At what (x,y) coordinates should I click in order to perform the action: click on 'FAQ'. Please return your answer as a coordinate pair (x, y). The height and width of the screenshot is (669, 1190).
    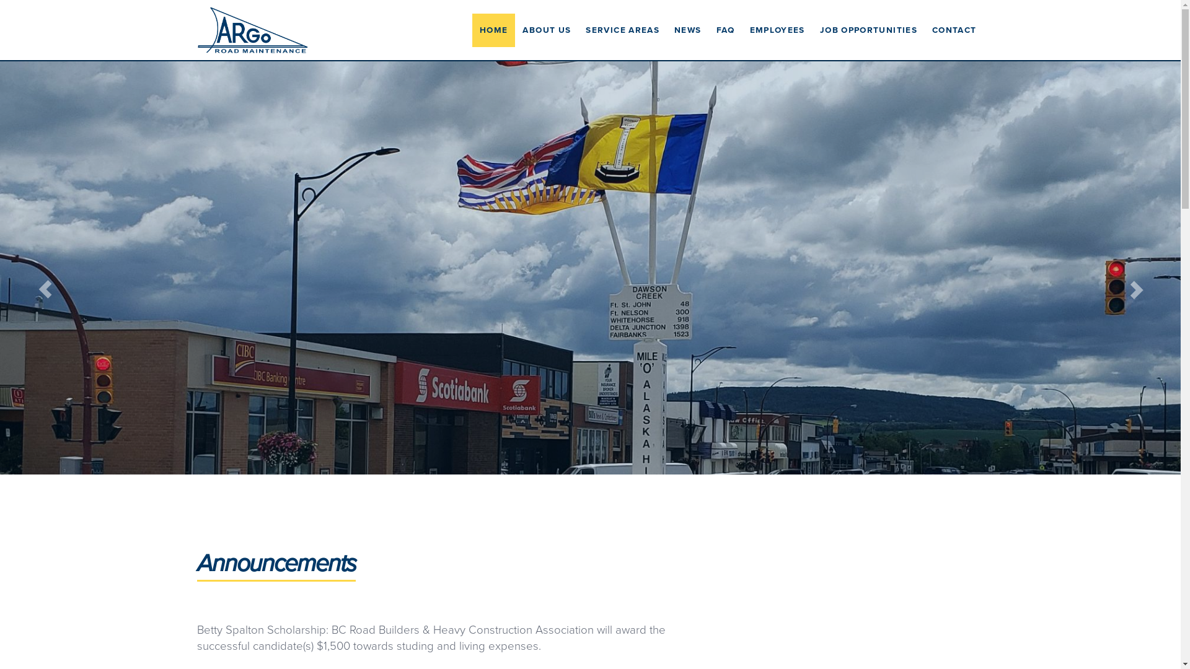
    Looking at the image, I should click on (726, 30).